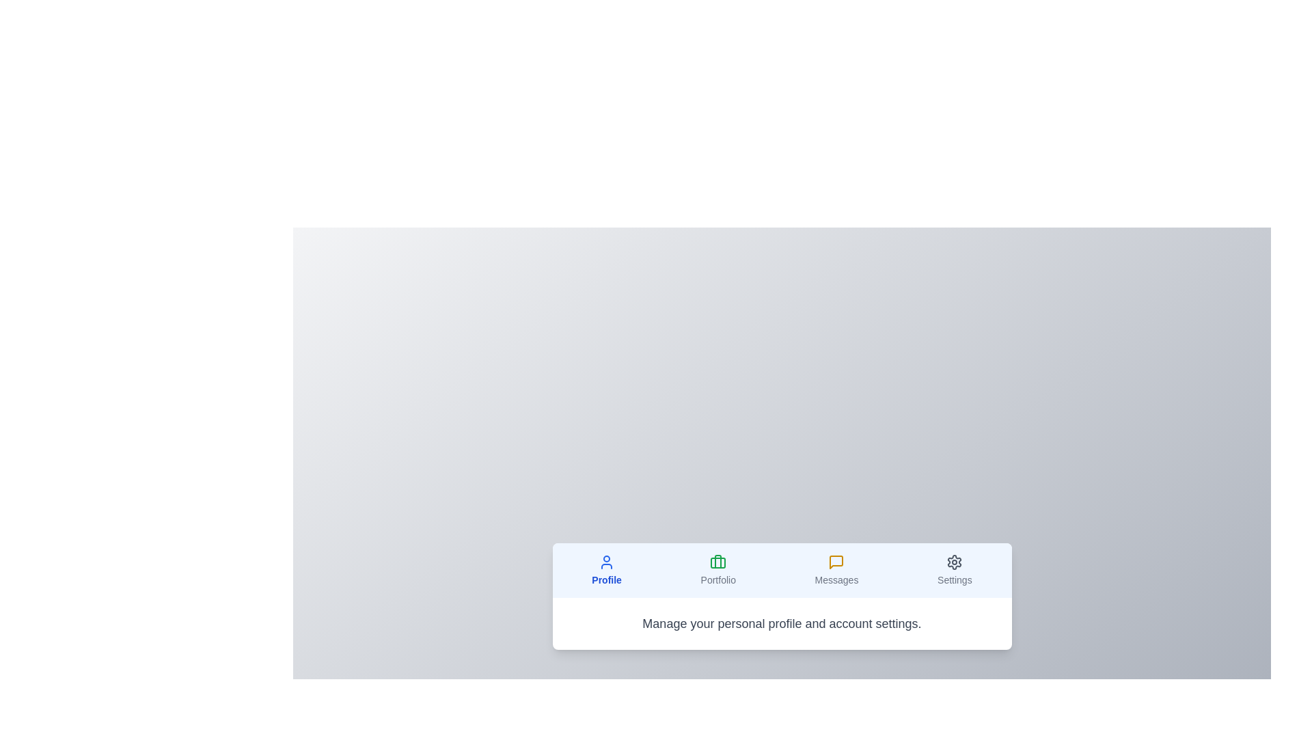 The height and width of the screenshot is (738, 1312). What do you see at coordinates (836, 570) in the screenshot?
I see `the 'Messages' tab to view its content` at bounding box center [836, 570].